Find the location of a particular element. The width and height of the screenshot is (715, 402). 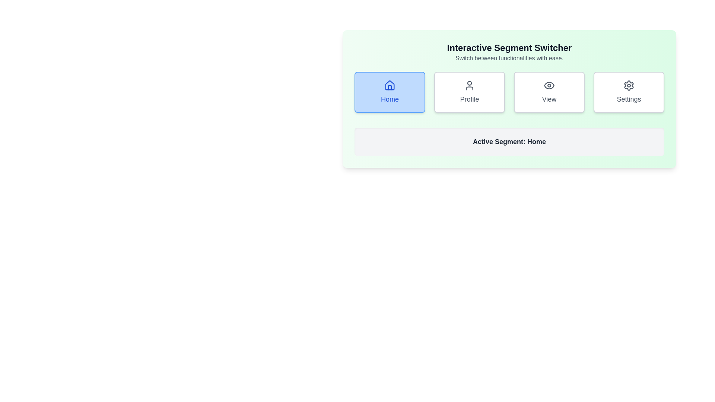

the cogwheel-shaped SVG icon located above the 'Settings' text within the card UI component is located at coordinates (629, 85).